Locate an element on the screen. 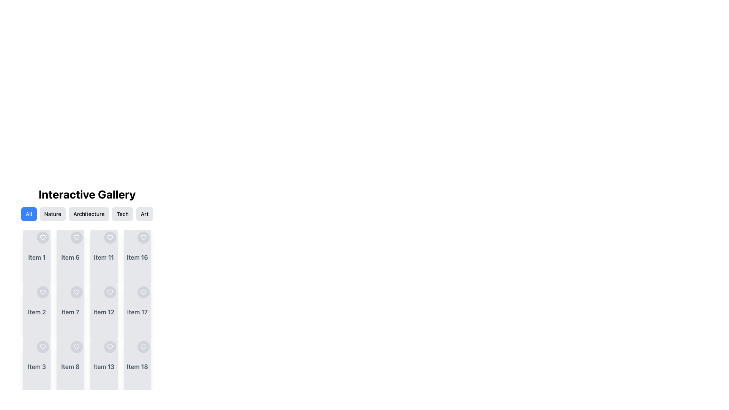 The width and height of the screenshot is (729, 410). the individual item card located in the second column and third row of the grid layout for further actions is located at coordinates (70, 312).